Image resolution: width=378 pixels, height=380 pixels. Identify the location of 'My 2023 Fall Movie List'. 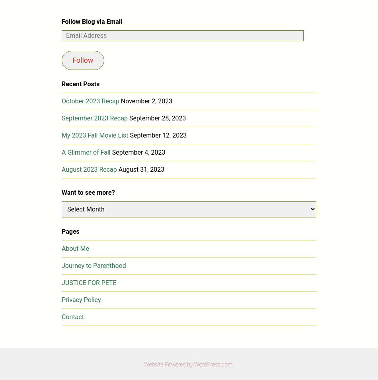
(95, 134).